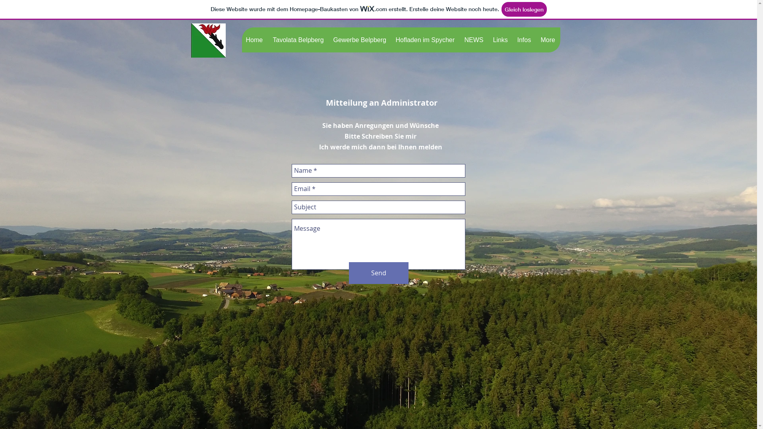 The height and width of the screenshot is (429, 763). Describe the element at coordinates (378, 272) in the screenshot. I see `'Send'` at that location.